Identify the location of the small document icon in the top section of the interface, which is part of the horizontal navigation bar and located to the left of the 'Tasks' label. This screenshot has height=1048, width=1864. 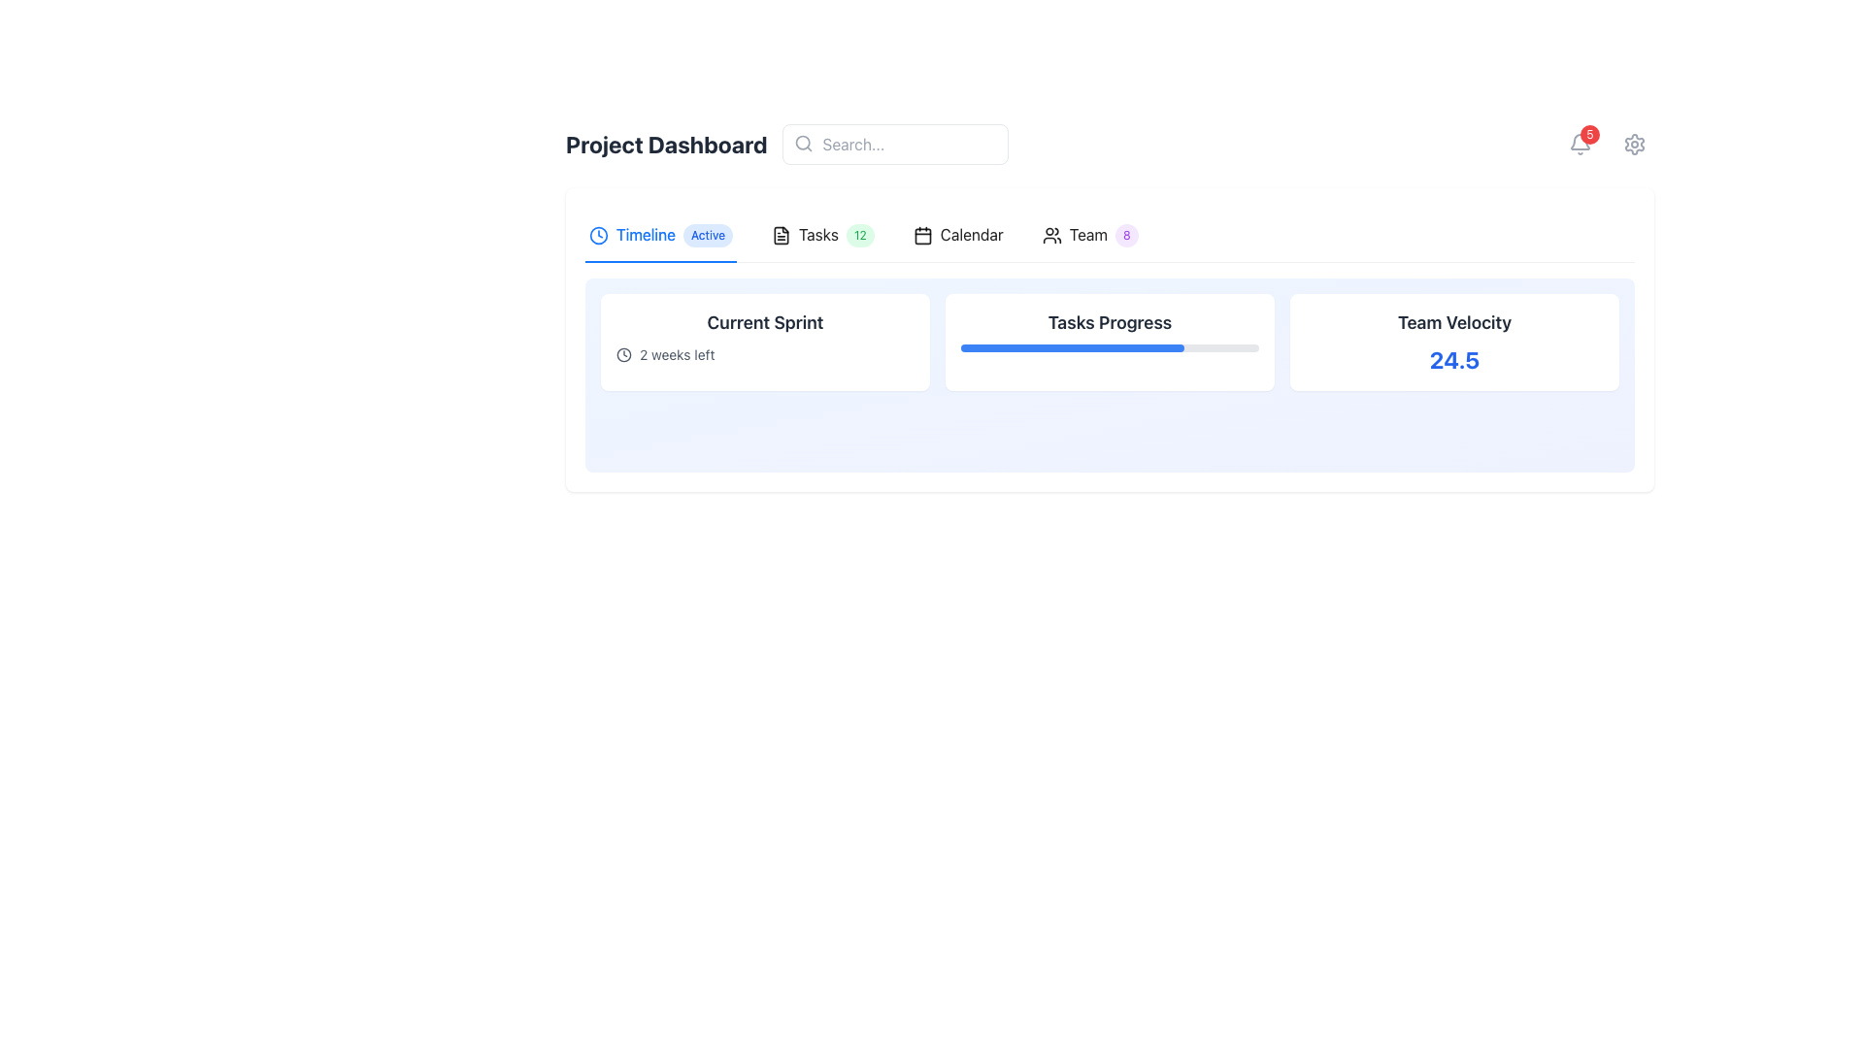
(782, 234).